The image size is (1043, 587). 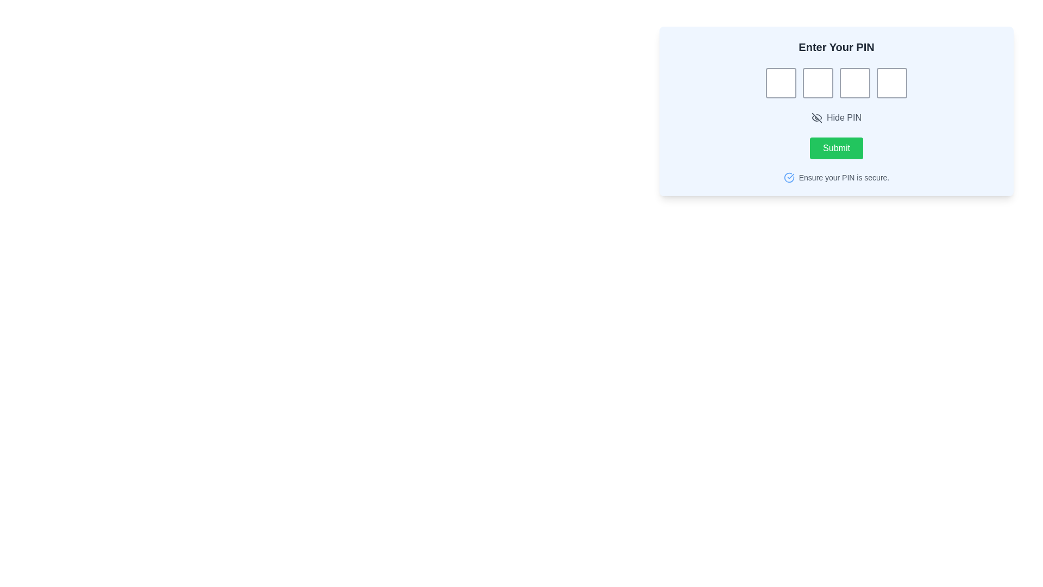 I want to click on descriptive text label indicating the purpose of toggling the visibility of the entered PIN, located next to the 'Toggle PIN visibility' icon in the upper right segment of the interface, so click(x=844, y=117).